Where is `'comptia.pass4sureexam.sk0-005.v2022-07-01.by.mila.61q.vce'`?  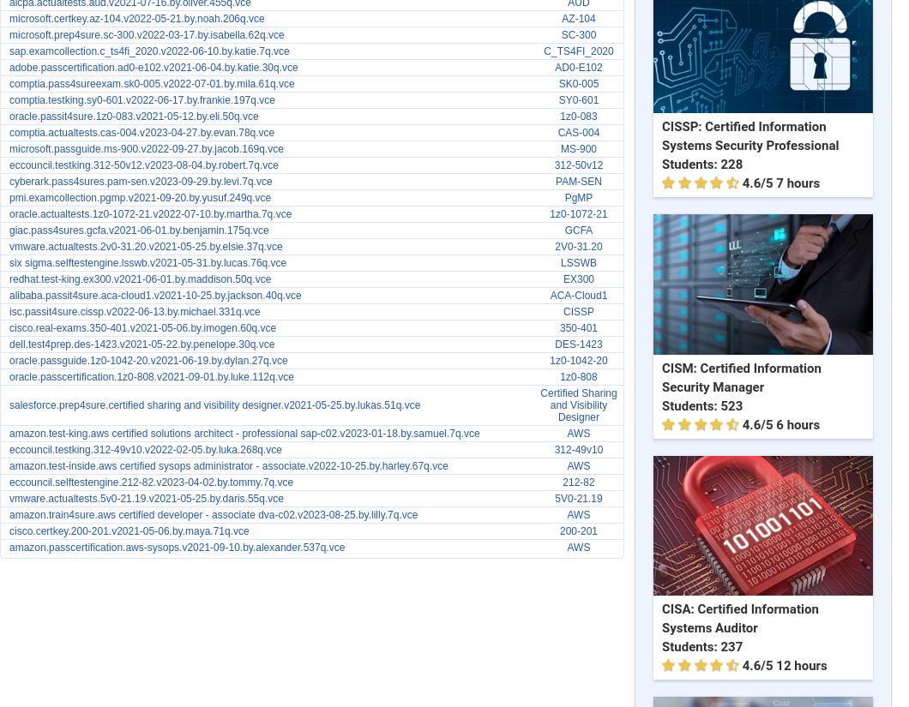 'comptia.pass4sureexam.sk0-005.v2022-07-01.by.mila.61q.vce' is located at coordinates (151, 84).